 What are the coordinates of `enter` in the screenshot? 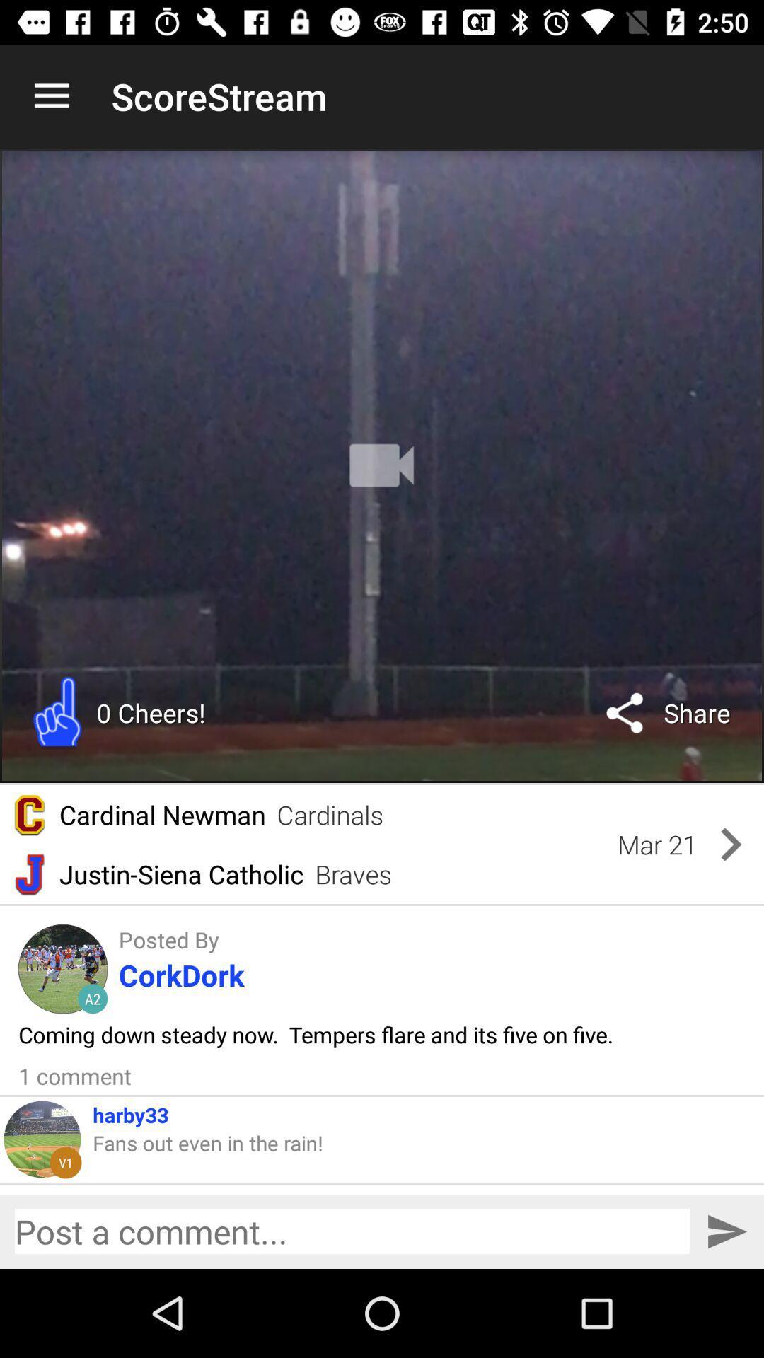 It's located at (727, 1231).